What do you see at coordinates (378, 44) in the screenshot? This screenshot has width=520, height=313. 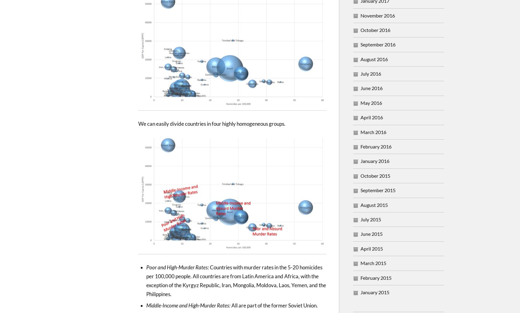 I see `'September 2016'` at bounding box center [378, 44].